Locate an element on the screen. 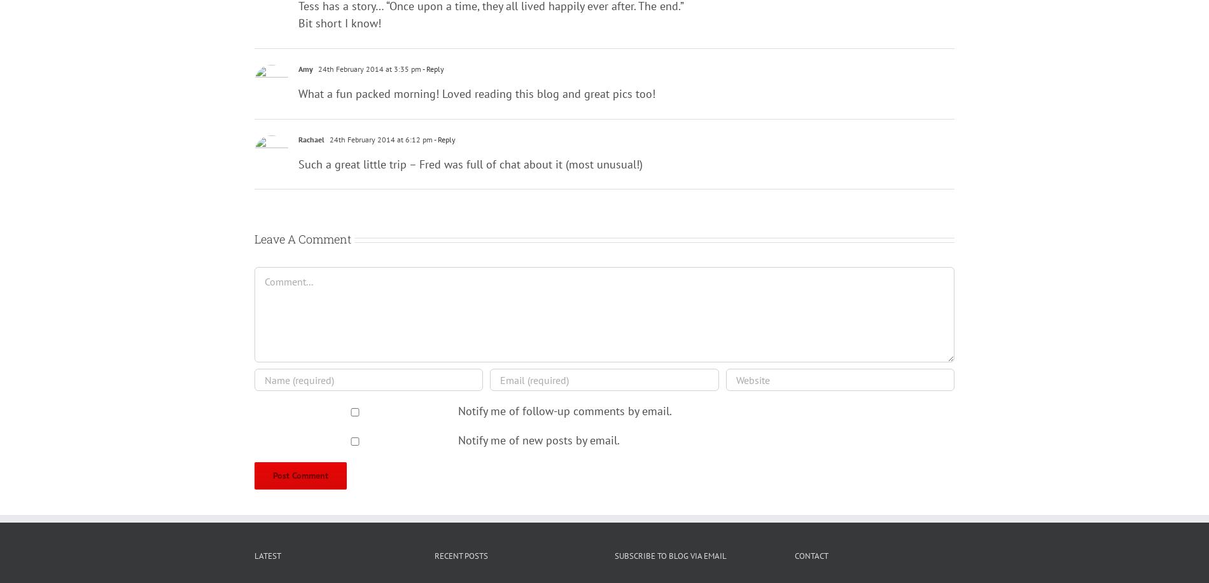 This screenshot has width=1209, height=583. 'Notify me of new posts by email.' is located at coordinates (538, 440).